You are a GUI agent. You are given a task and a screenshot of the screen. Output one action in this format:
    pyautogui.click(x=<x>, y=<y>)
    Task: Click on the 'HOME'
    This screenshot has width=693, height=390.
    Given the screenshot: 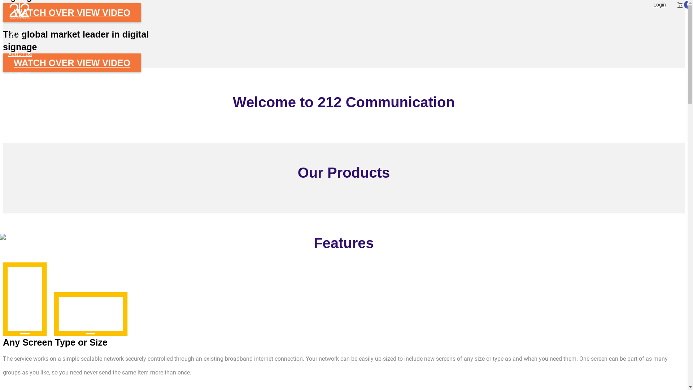 What is the action you would take?
    pyautogui.click(x=348, y=34)
    